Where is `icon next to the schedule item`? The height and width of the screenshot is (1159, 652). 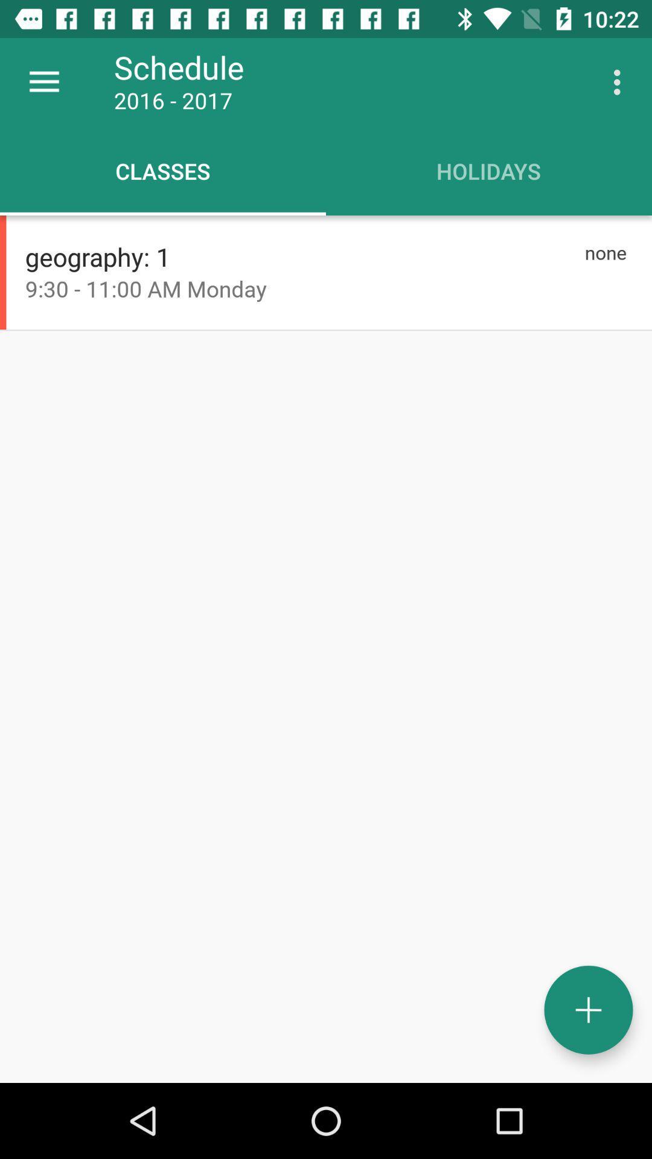 icon next to the schedule item is located at coordinates (43, 81).